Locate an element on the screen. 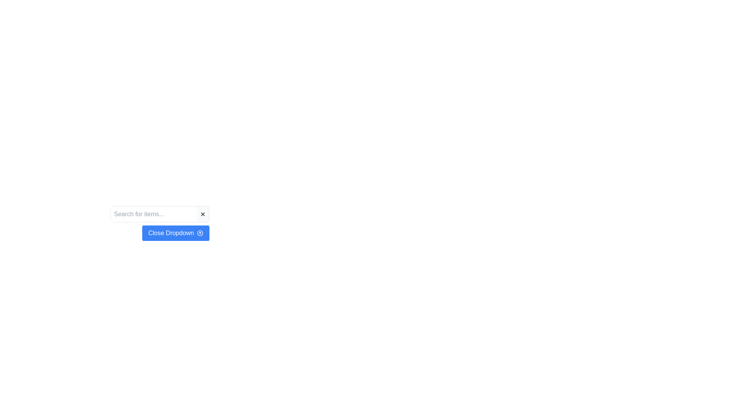 This screenshot has height=417, width=742. the upward-pointing circular arrow icon within the 'Close Dropdown' button, which is styled in white against a blue background is located at coordinates (200, 233).